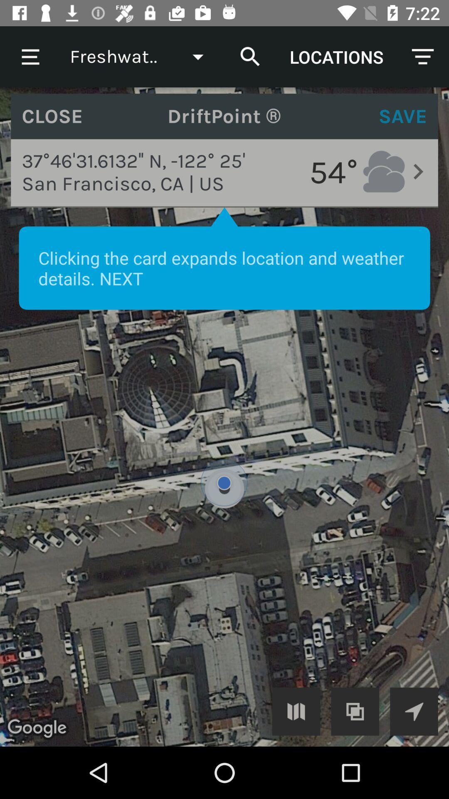 This screenshot has width=449, height=799. I want to click on map, so click(296, 711).